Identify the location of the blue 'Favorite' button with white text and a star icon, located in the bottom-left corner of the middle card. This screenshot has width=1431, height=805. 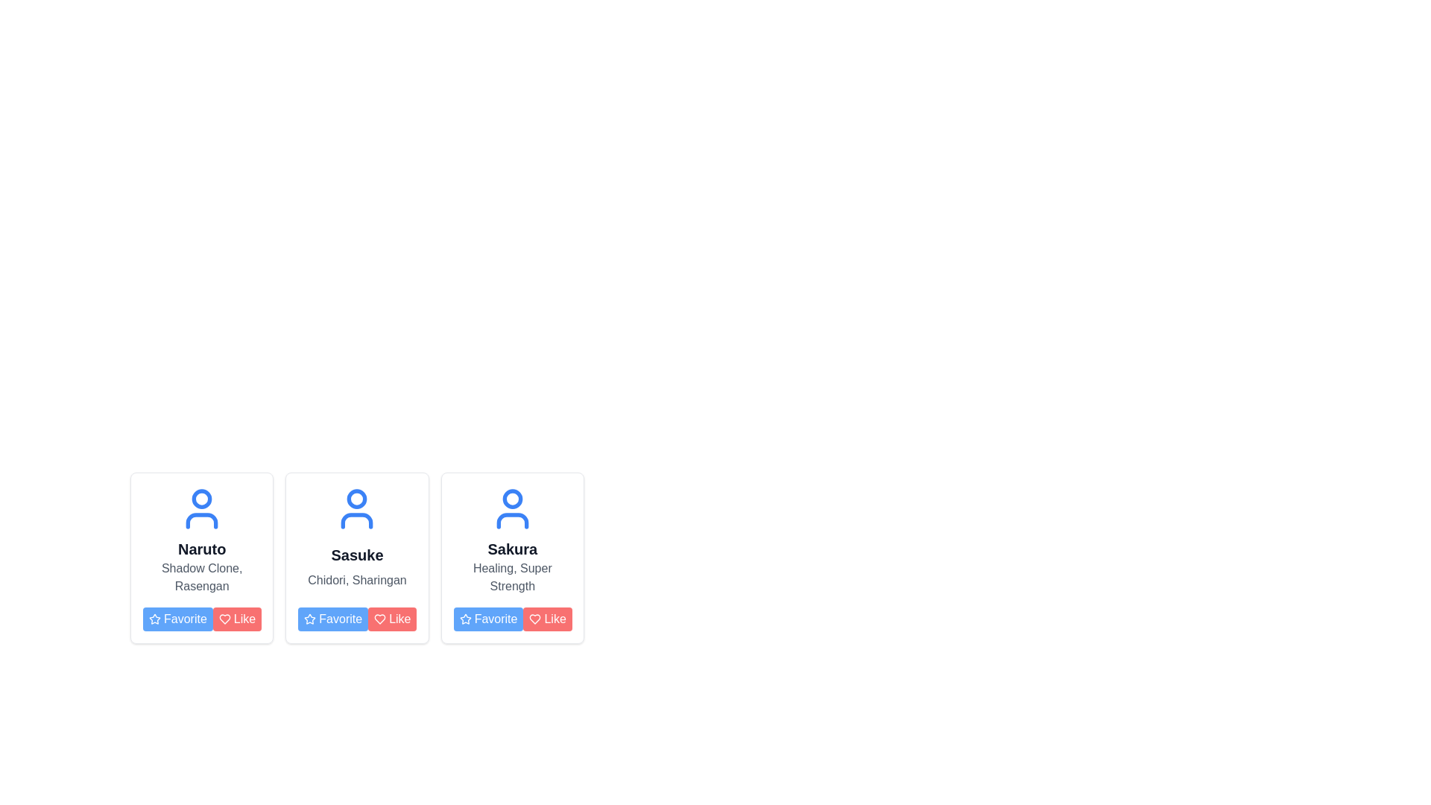
(332, 619).